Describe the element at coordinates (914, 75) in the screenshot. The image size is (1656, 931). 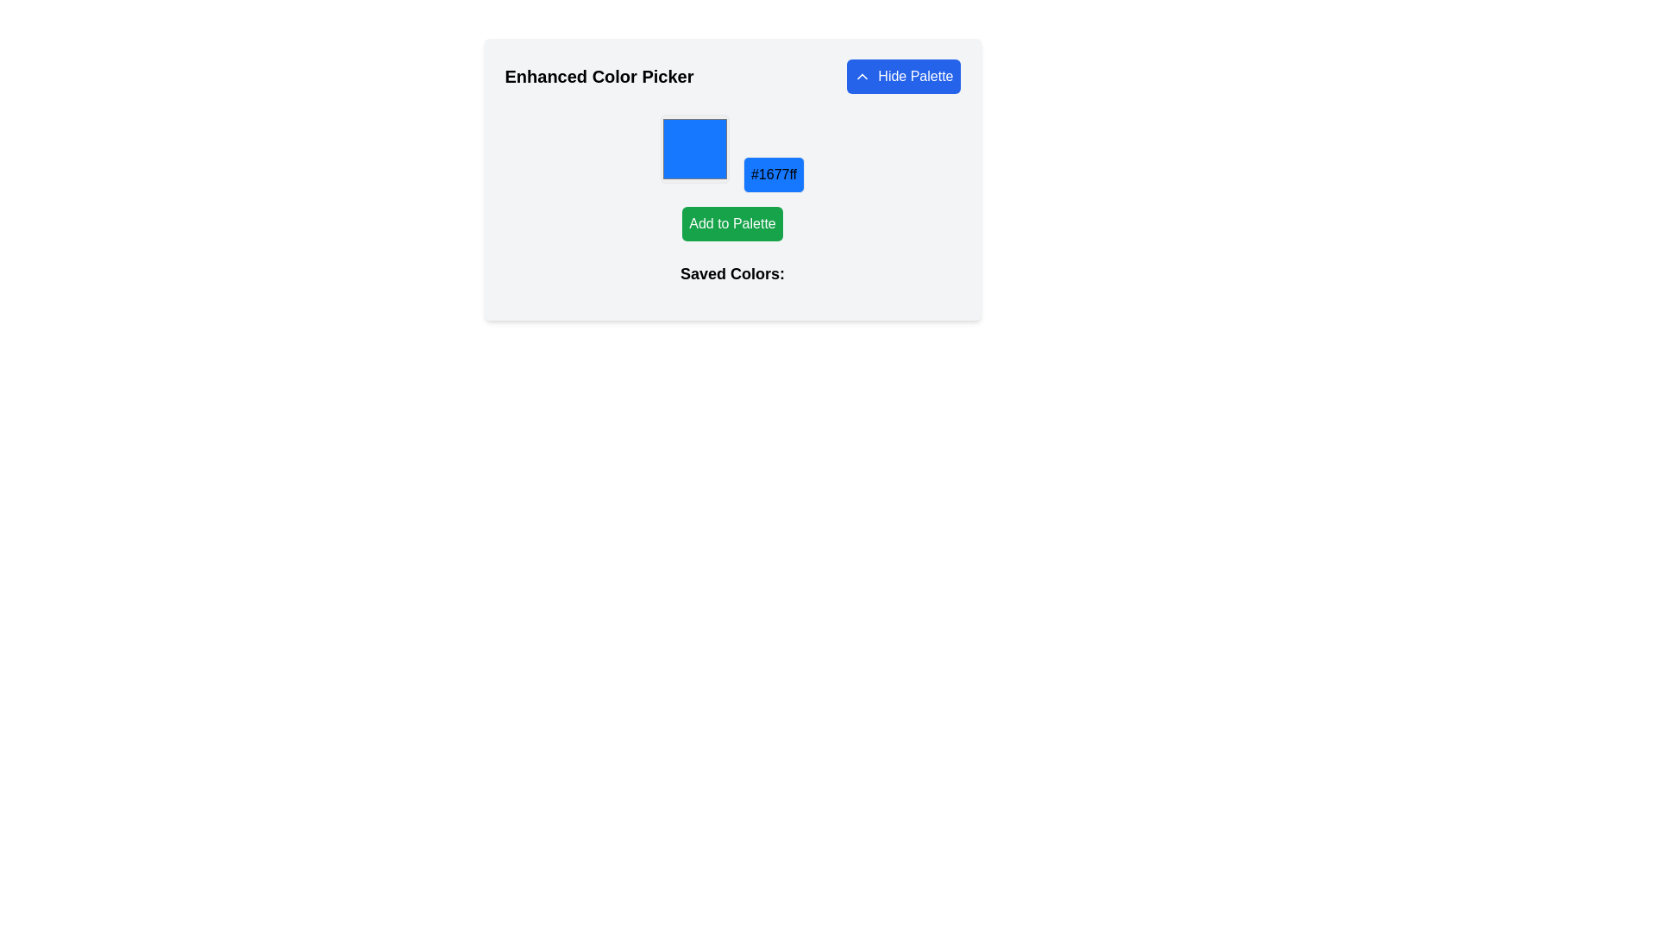
I see `the 'Hide Palette' text label, which is part of a button-like component located in the upper-right section of the interface` at that location.